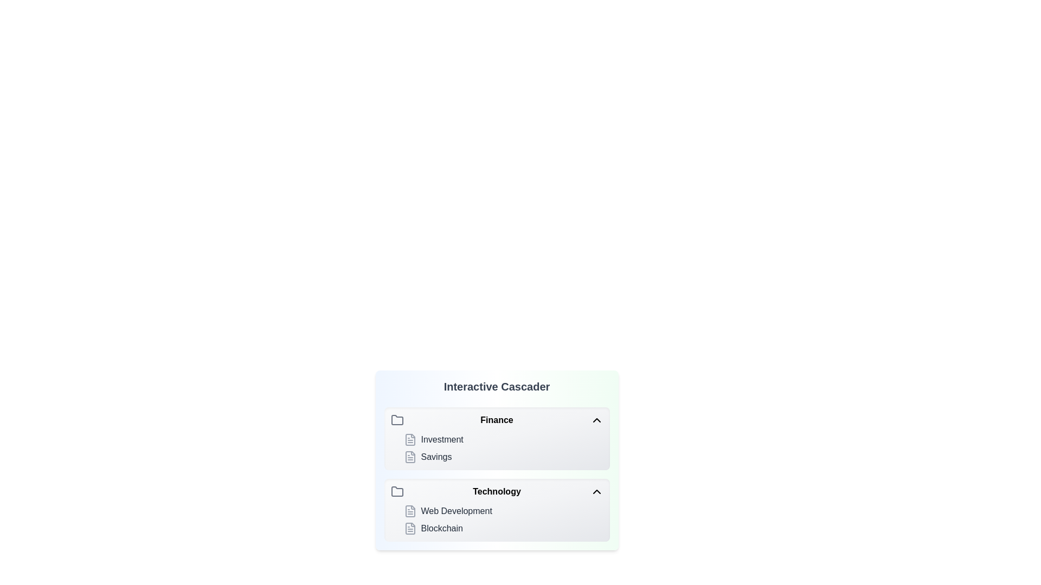 Image resolution: width=1041 pixels, height=585 pixels. I want to click on the document icon representing the 'Investment' category located in the Finance section of the Interactive Cascader interface, positioned to the left of the 'Investment' label, so click(409, 440).